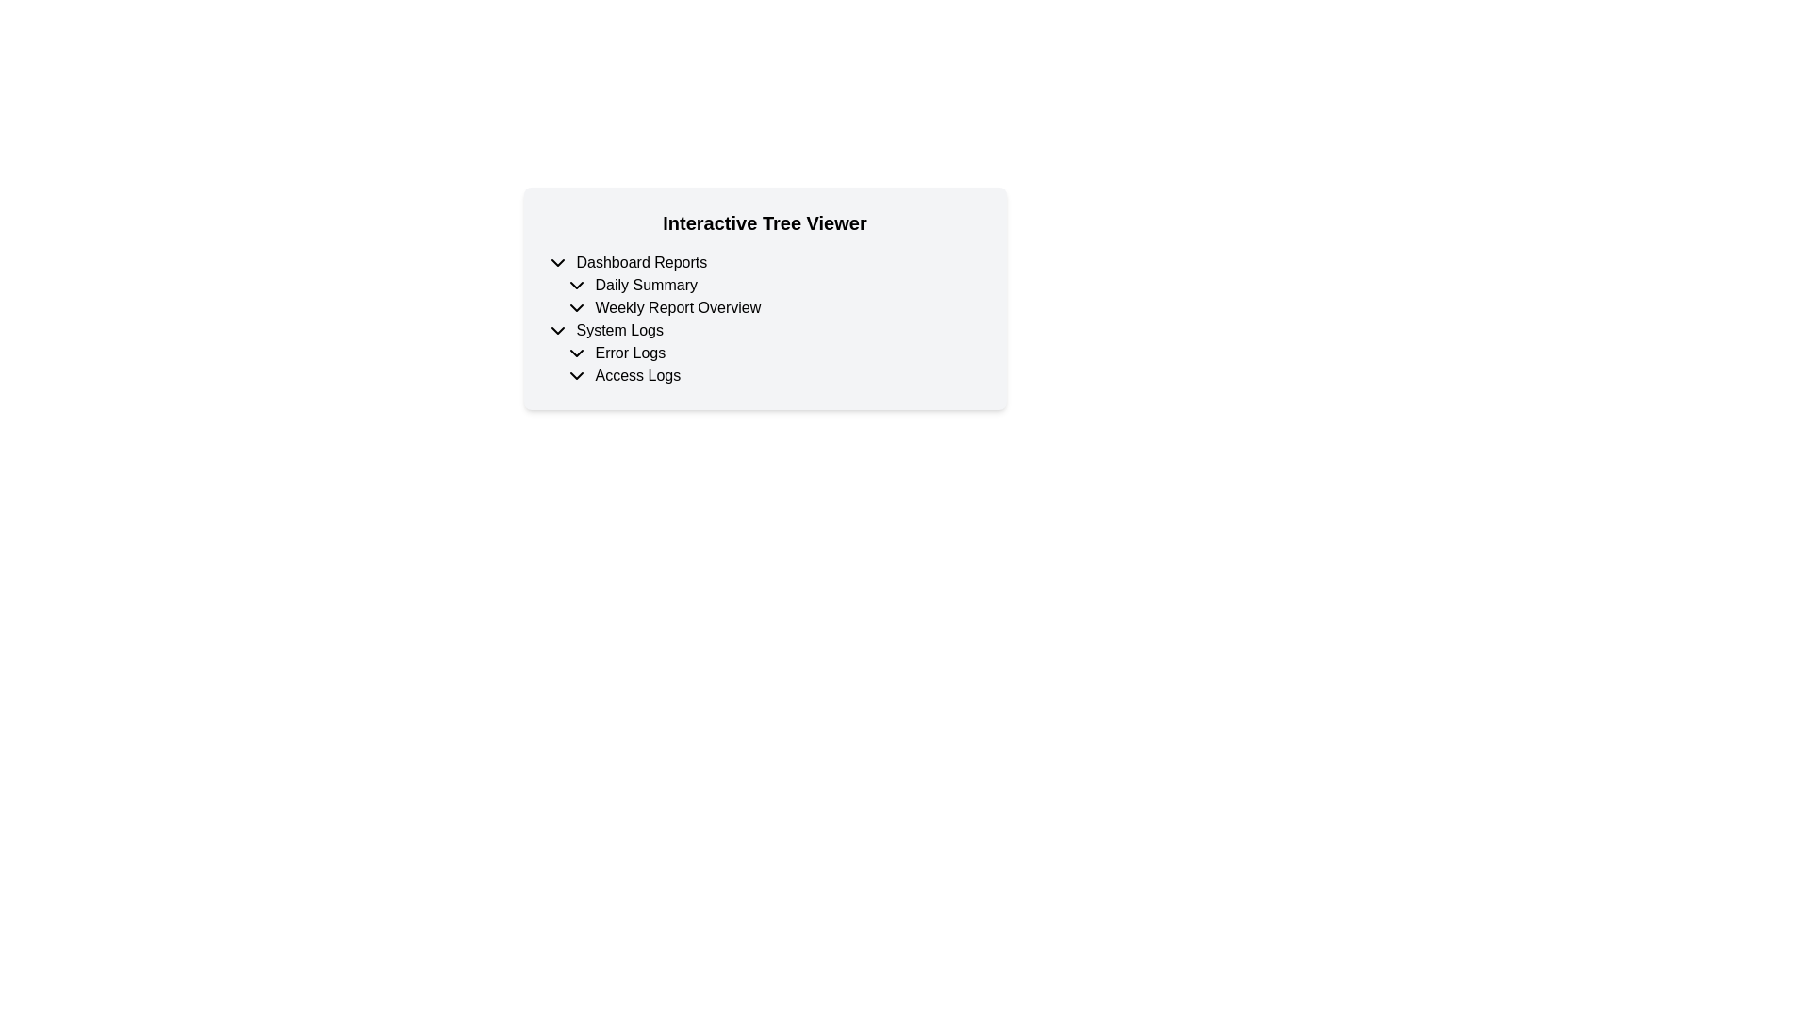  Describe the element at coordinates (556, 330) in the screenshot. I see `the chevron icon to the left of the 'System Logs' label` at that location.